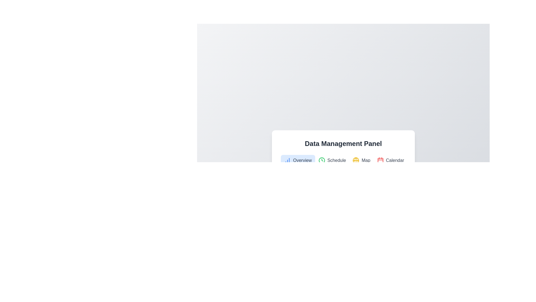  What do you see at coordinates (322, 161) in the screenshot?
I see `the SVG circle element with a green stroke that represents the circular boundary of the clock icon in the 'Schedule' menu item of the Data Management Panel` at bounding box center [322, 161].